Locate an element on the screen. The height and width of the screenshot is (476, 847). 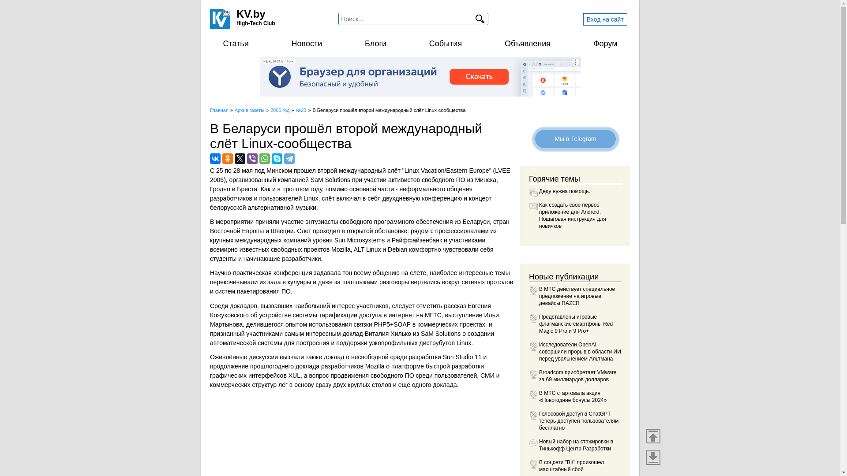
'Telegram' is located at coordinates (289, 158).